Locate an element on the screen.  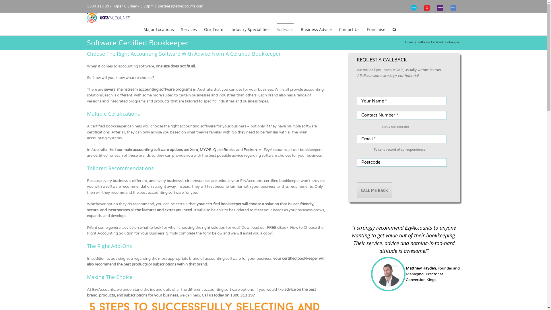
'Business Advice' is located at coordinates (316, 29).